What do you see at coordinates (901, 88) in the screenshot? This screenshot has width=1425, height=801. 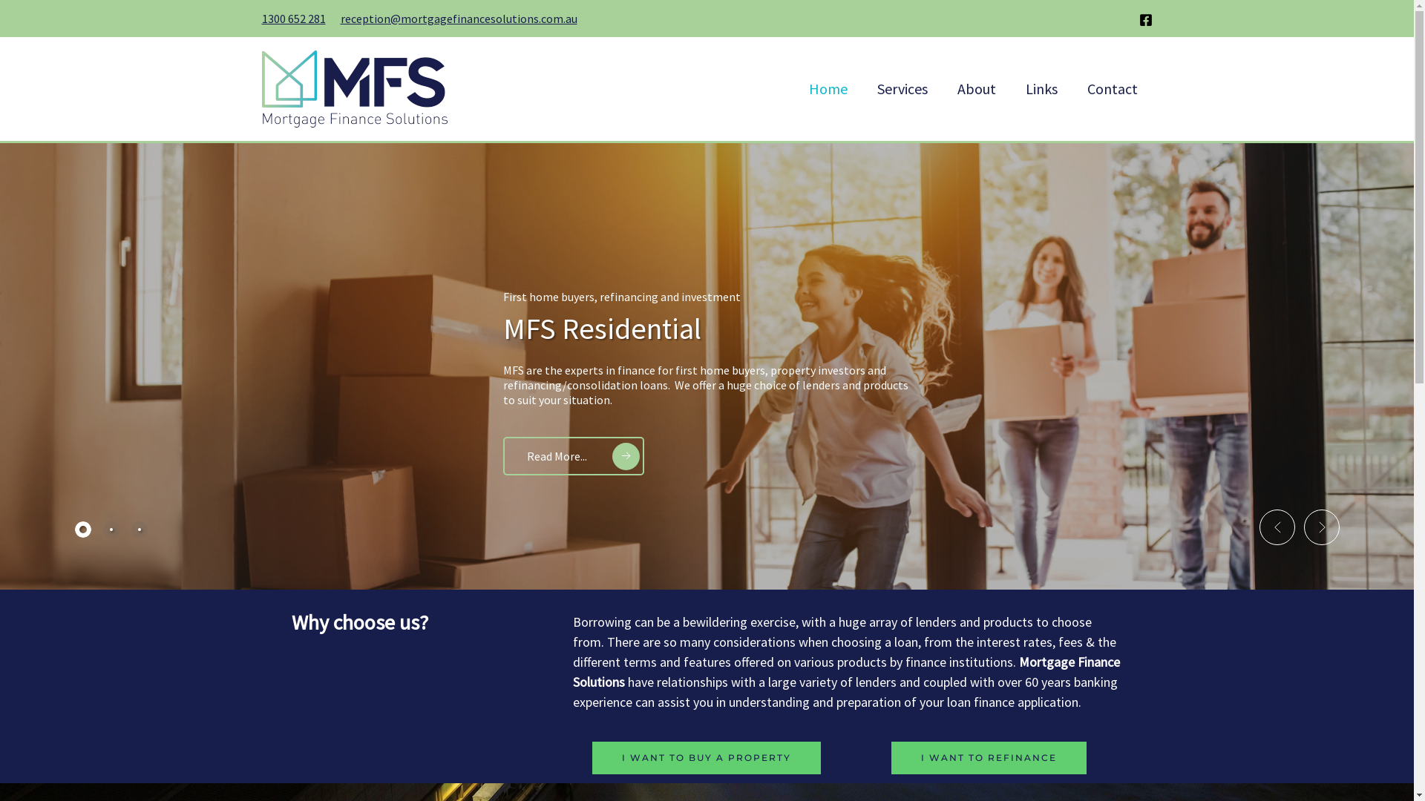 I see `'Services'` at bounding box center [901, 88].